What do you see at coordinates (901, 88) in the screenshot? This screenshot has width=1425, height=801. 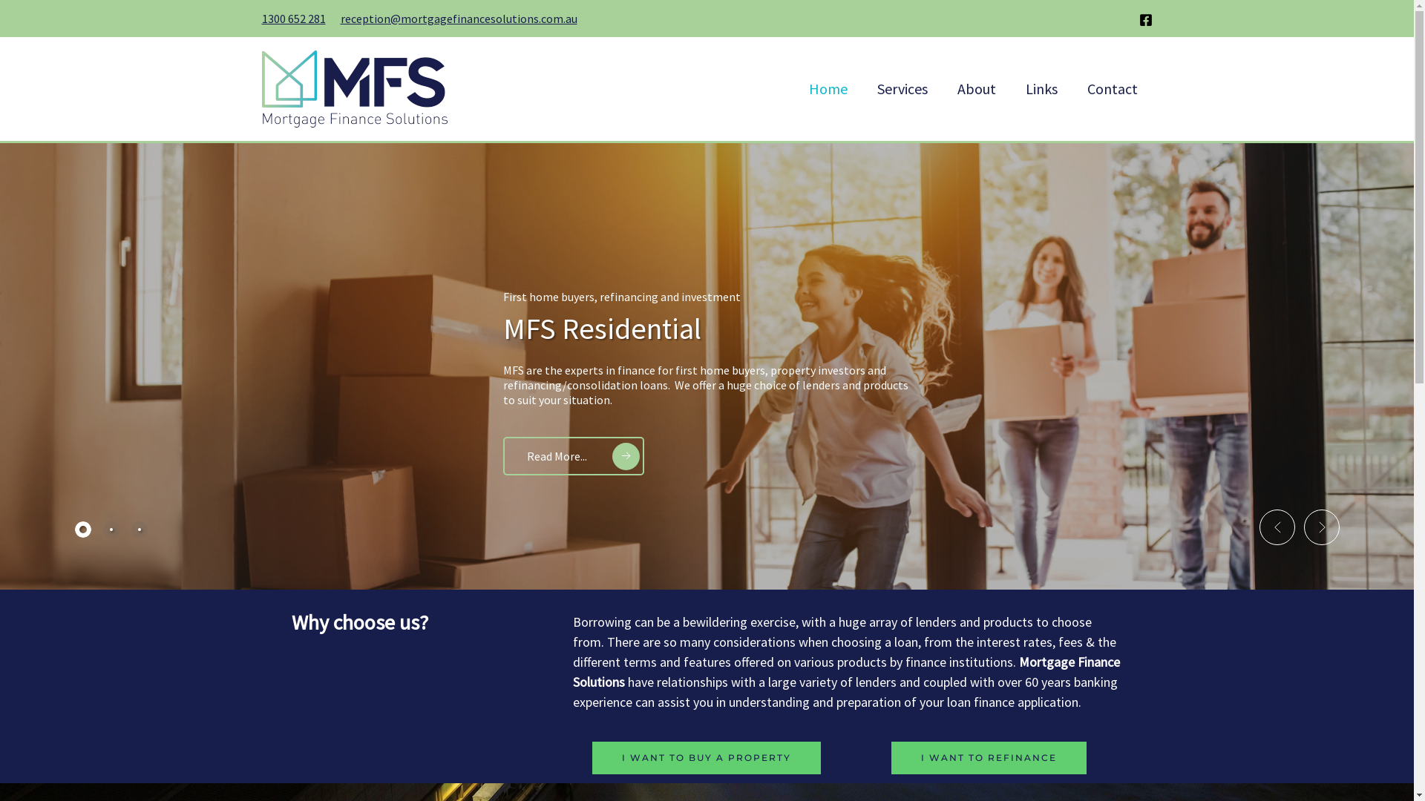 I see `'Services'` at bounding box center [901, 88].